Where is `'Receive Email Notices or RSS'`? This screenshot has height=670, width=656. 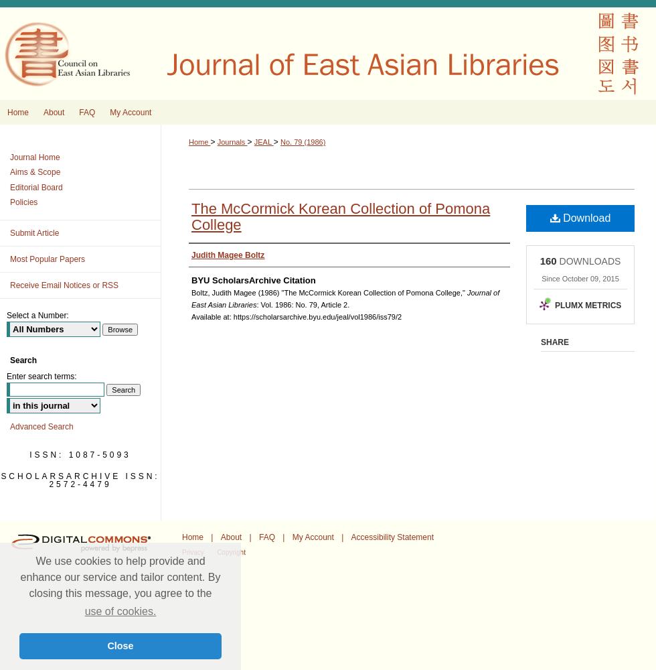
'Receive Email Notices or RSS' is located at coordinates (64, 285).